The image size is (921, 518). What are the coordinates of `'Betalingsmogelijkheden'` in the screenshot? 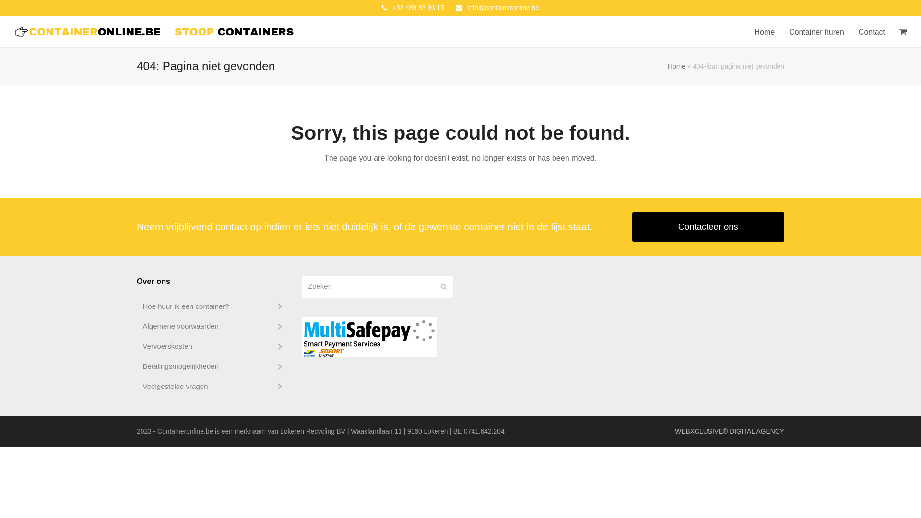 It's located at (212, 366).